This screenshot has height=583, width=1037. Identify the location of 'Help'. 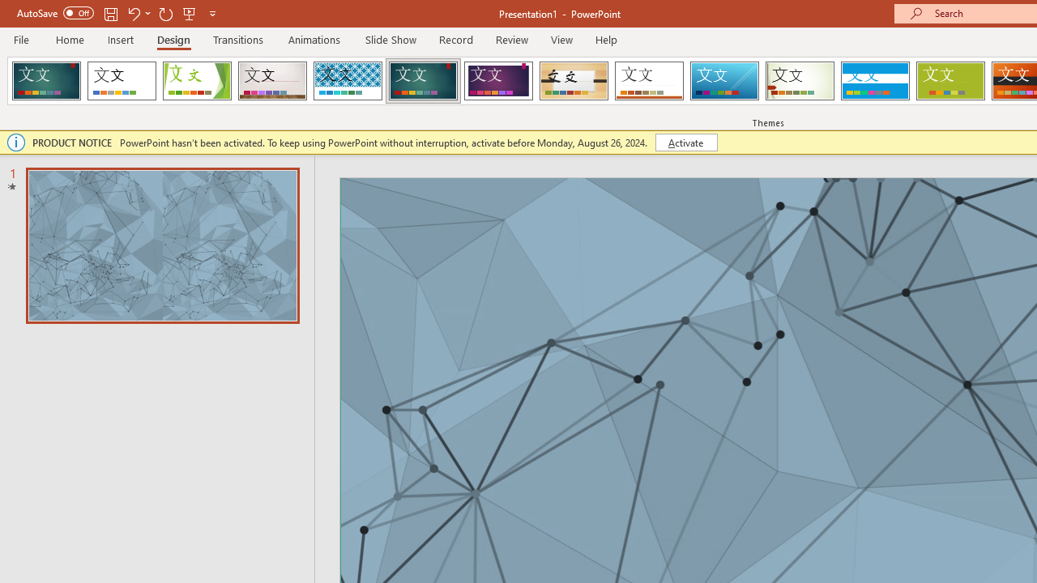
(605, 39).